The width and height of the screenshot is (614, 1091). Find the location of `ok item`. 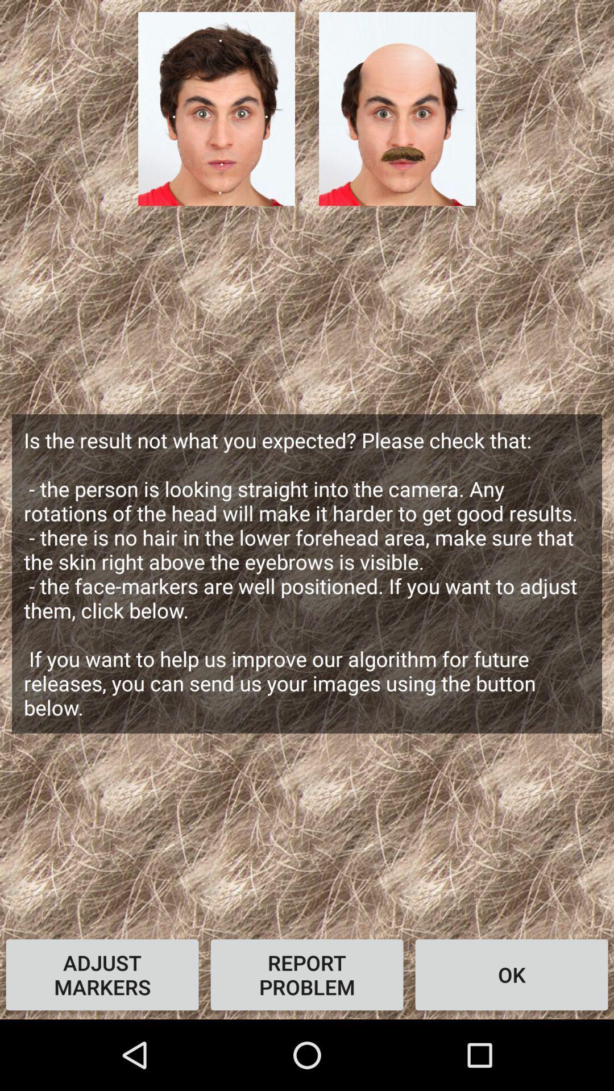

ok item is located at coordinates (511, 974).